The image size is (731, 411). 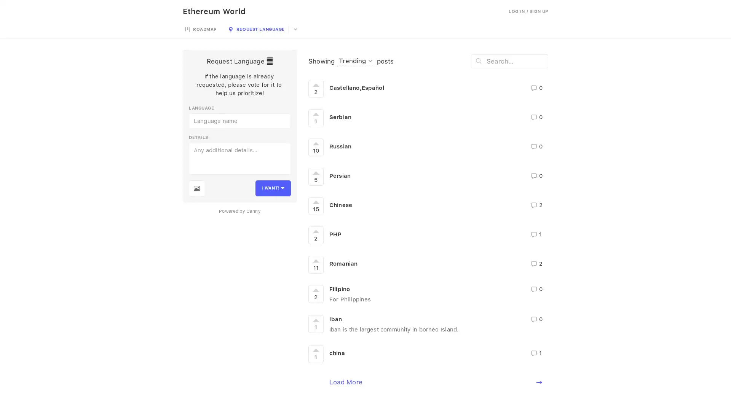 What do you see at coordinates (273, 188) in the screenshot?
I see `I WANT!` at bounding box center [273, 188].